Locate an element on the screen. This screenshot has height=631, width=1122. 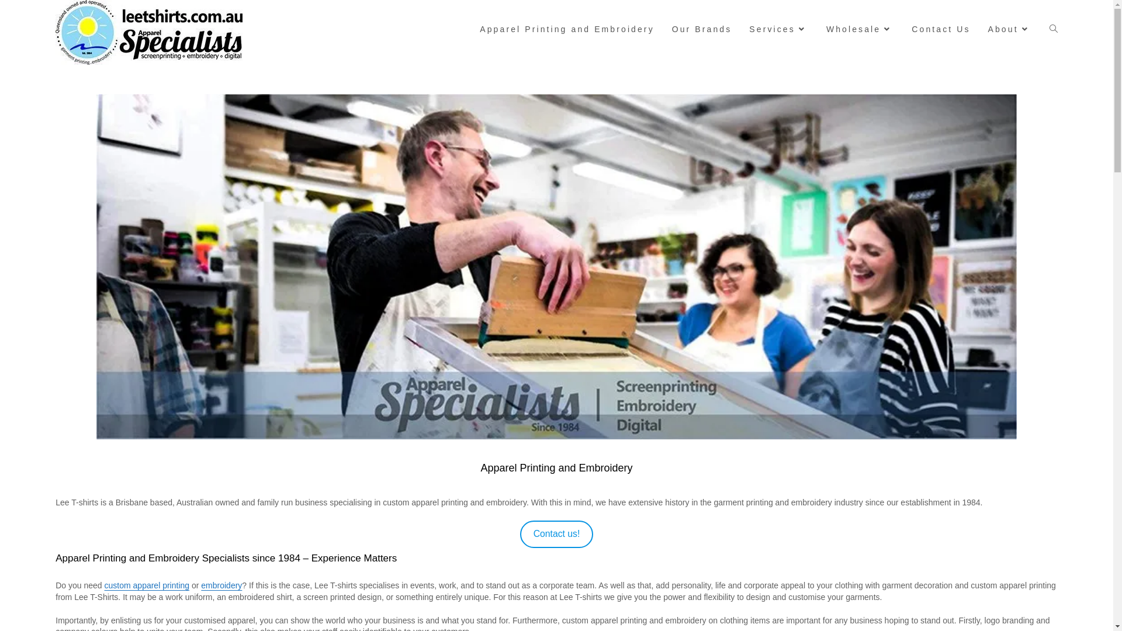
'Our Brands' is located at coordinates (701, 29).